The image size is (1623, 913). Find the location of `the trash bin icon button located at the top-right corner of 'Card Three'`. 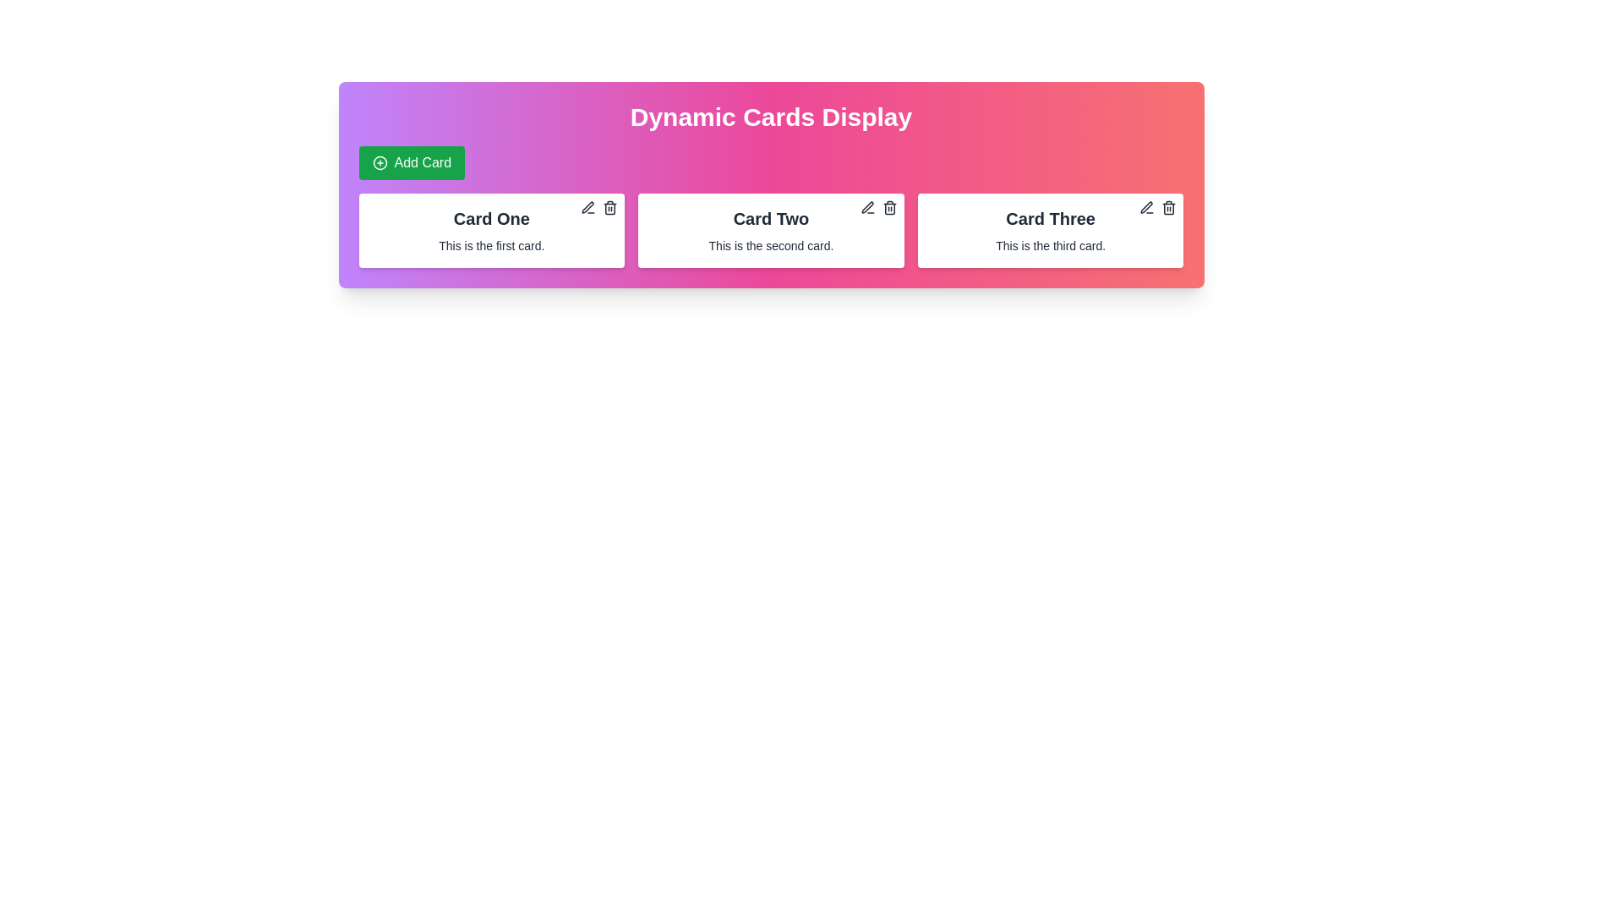

the trash bin icon button located at the top-right corner of 'Card Three' is located at coordinates (1168, 207).